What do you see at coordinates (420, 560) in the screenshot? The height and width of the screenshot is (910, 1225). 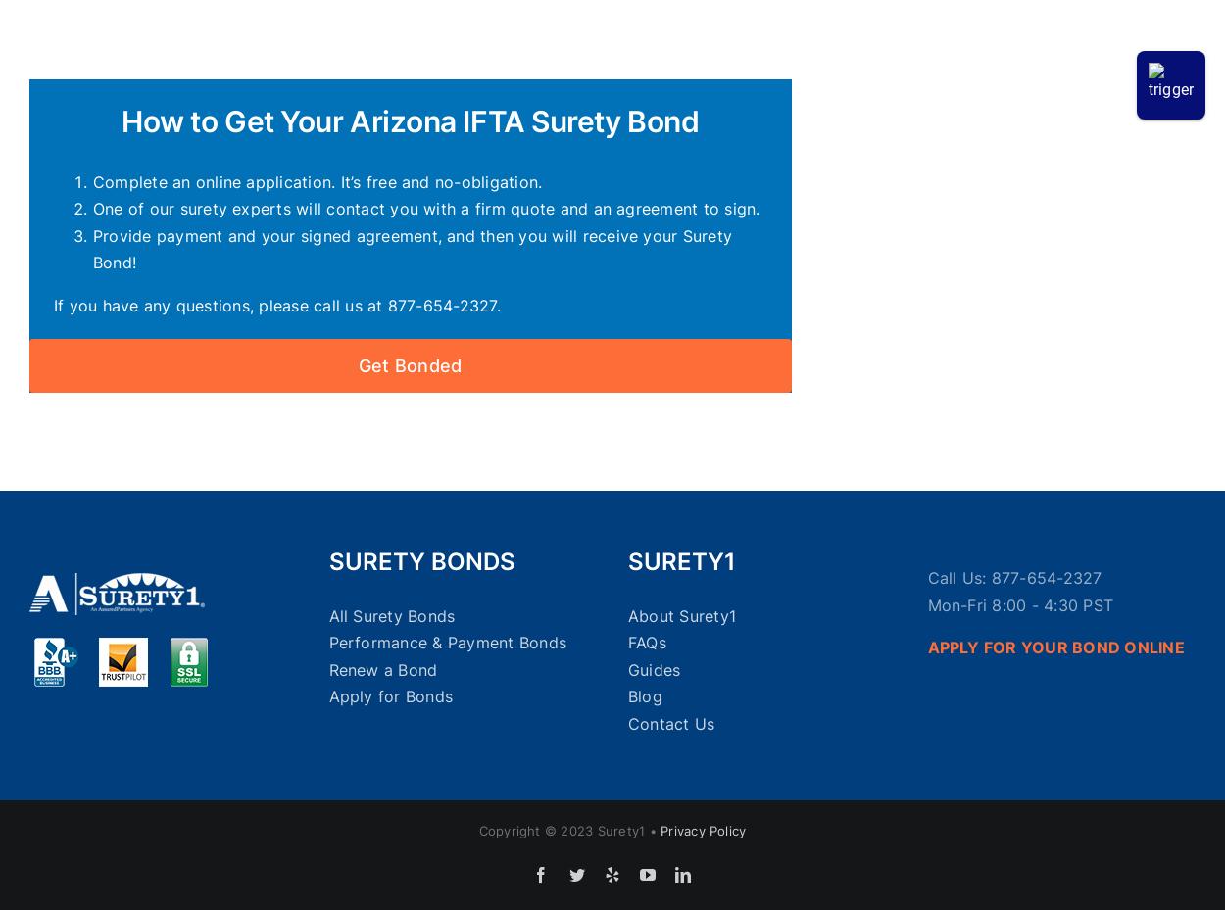 I see `'Surety Bonds'` at bounding box center [420, 560].